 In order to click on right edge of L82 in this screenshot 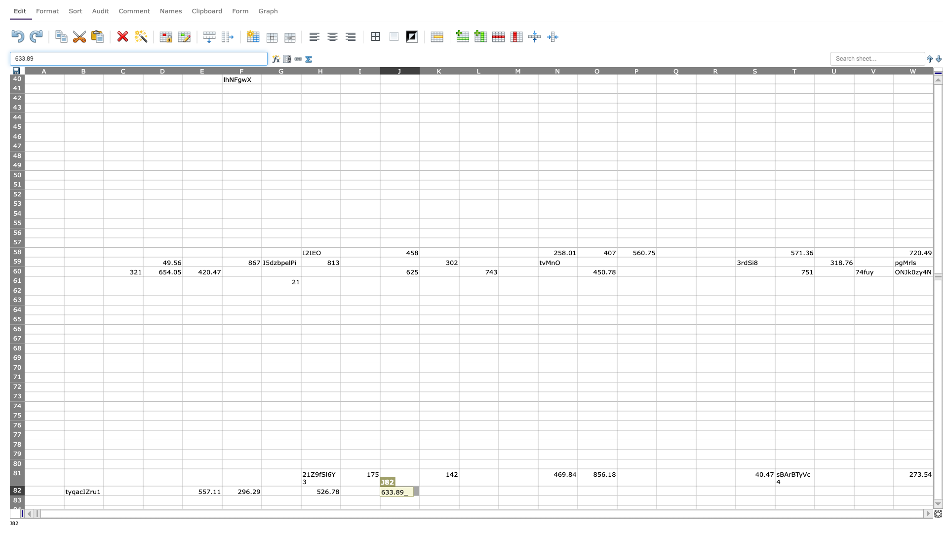, I will do `click(498, 491)`.